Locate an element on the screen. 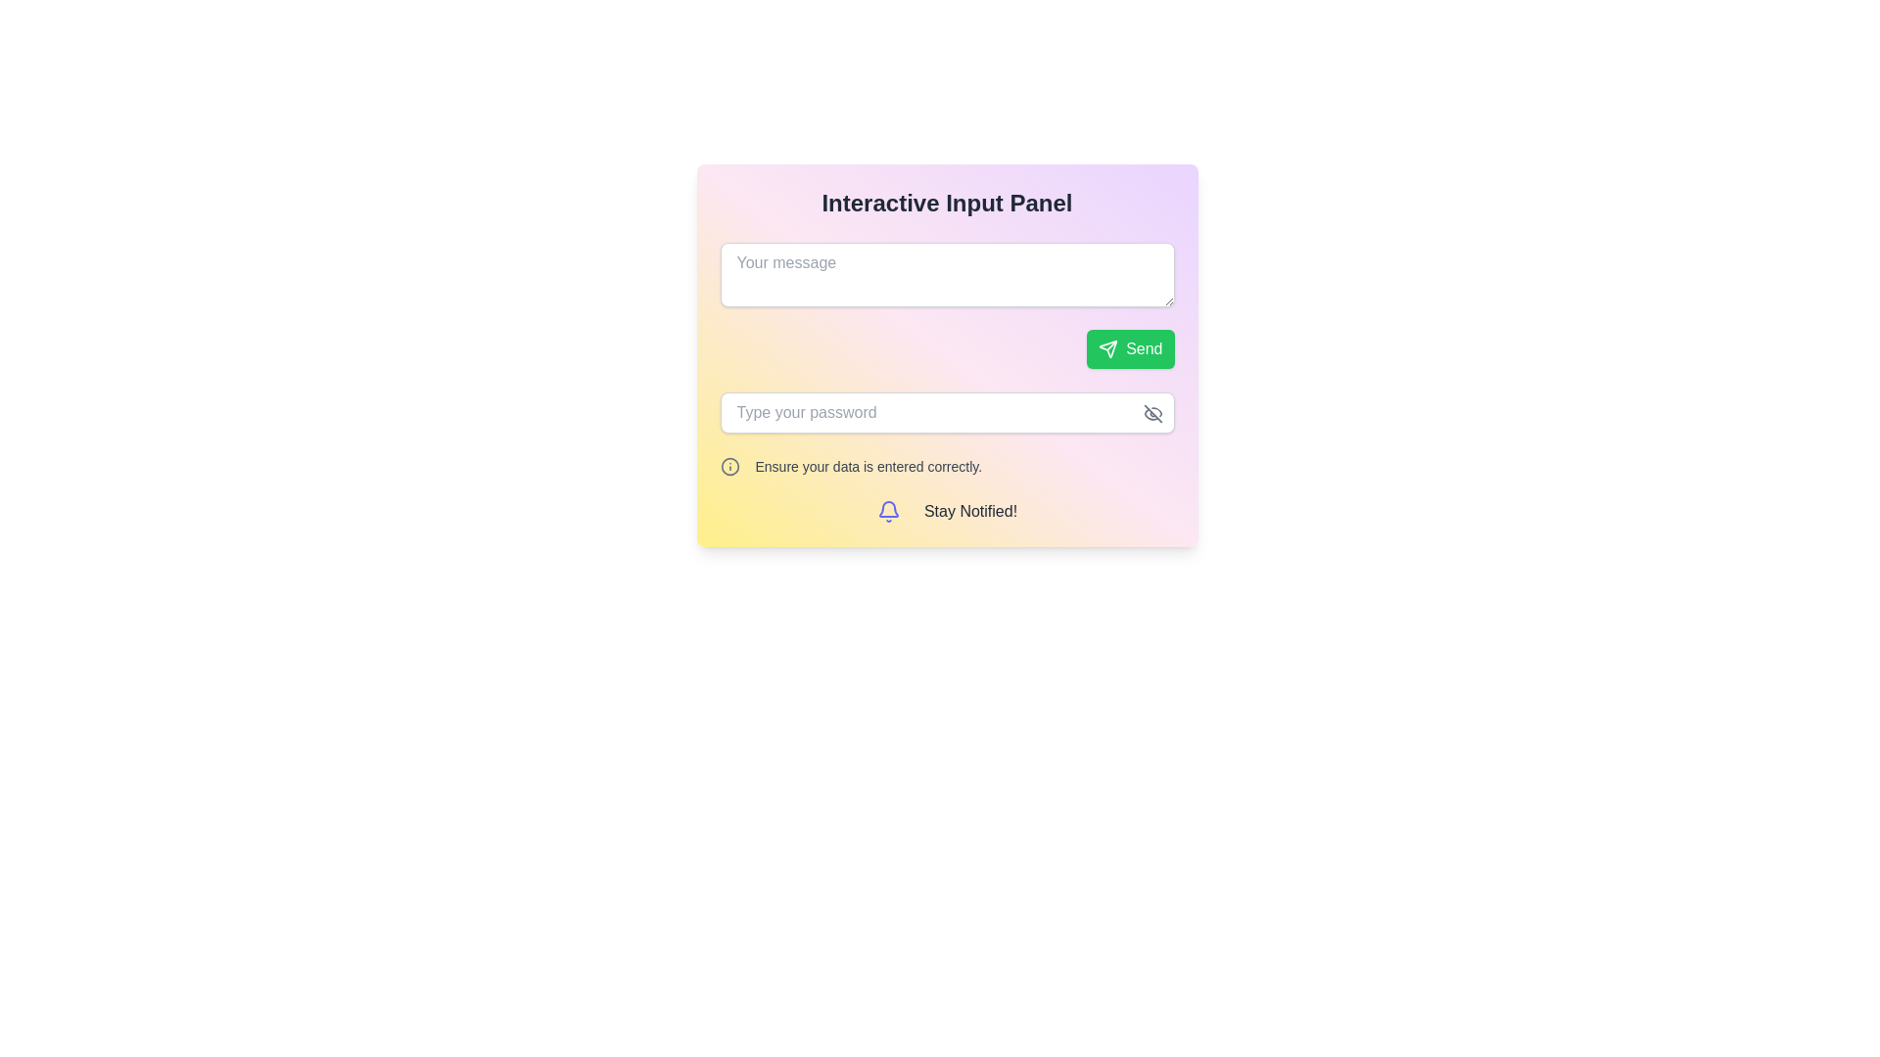  the Icon within the green 'Send' button, which is located to the left of the text 'Send' in the message input panel is located at coordinates (1108, 348).